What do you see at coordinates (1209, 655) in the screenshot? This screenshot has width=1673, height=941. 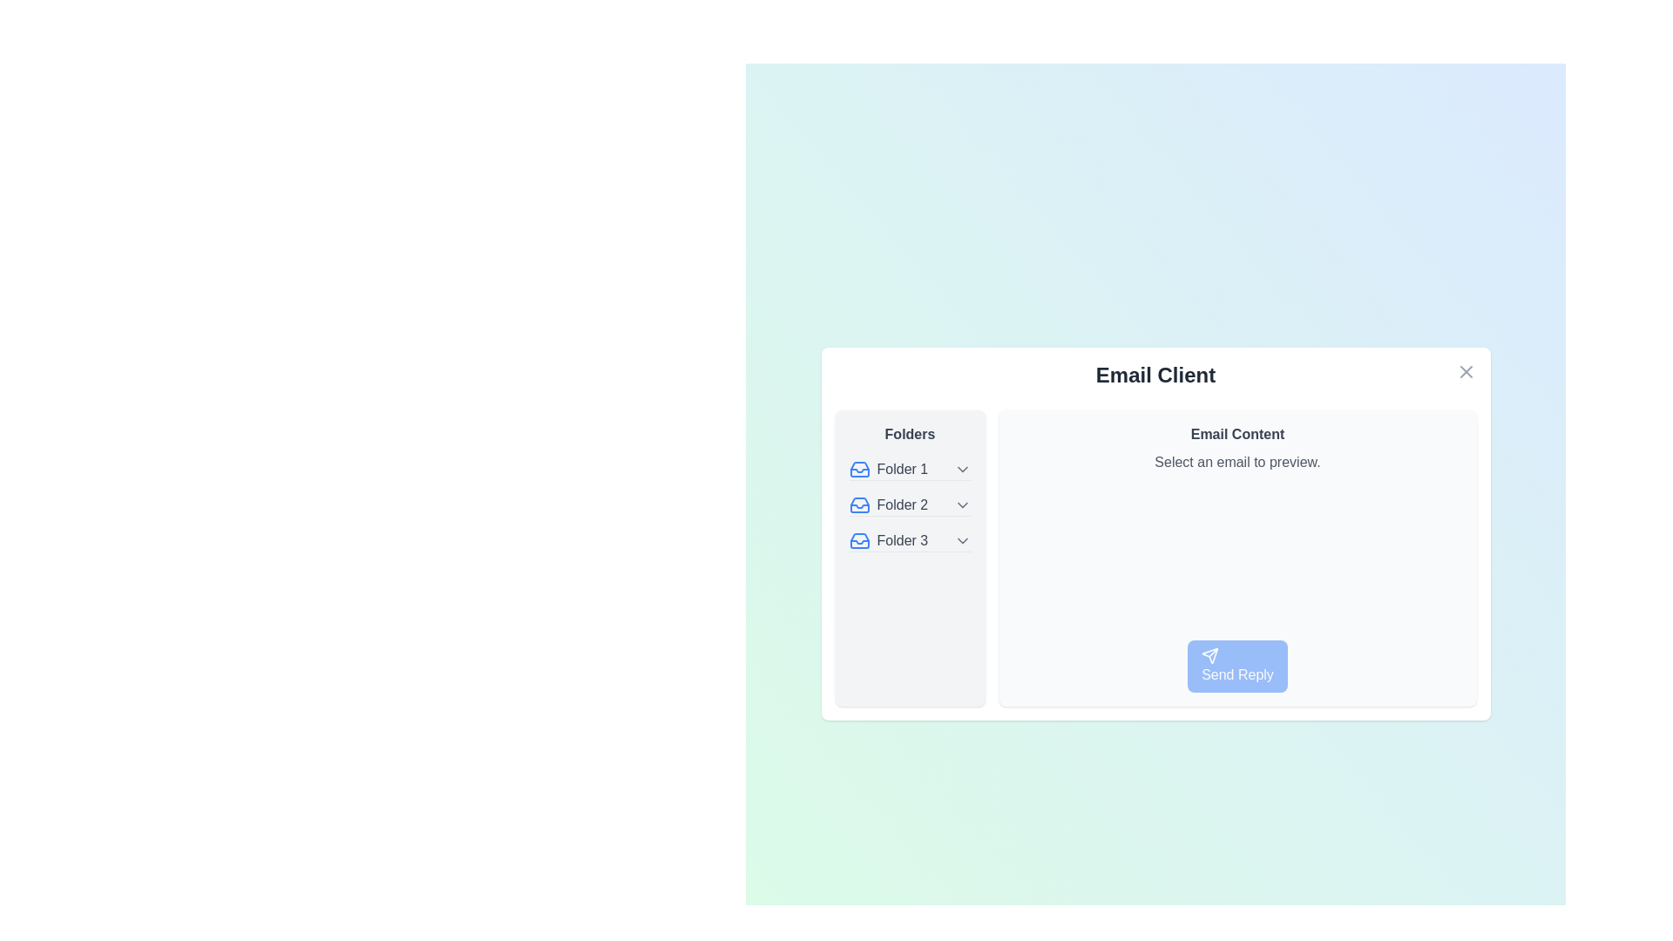 I see `the decorative icon located within the 'Send Reply' button, positioned towards the left edge adjacent to the text label 'Send Reply'` at bounding box center [1209, 655].